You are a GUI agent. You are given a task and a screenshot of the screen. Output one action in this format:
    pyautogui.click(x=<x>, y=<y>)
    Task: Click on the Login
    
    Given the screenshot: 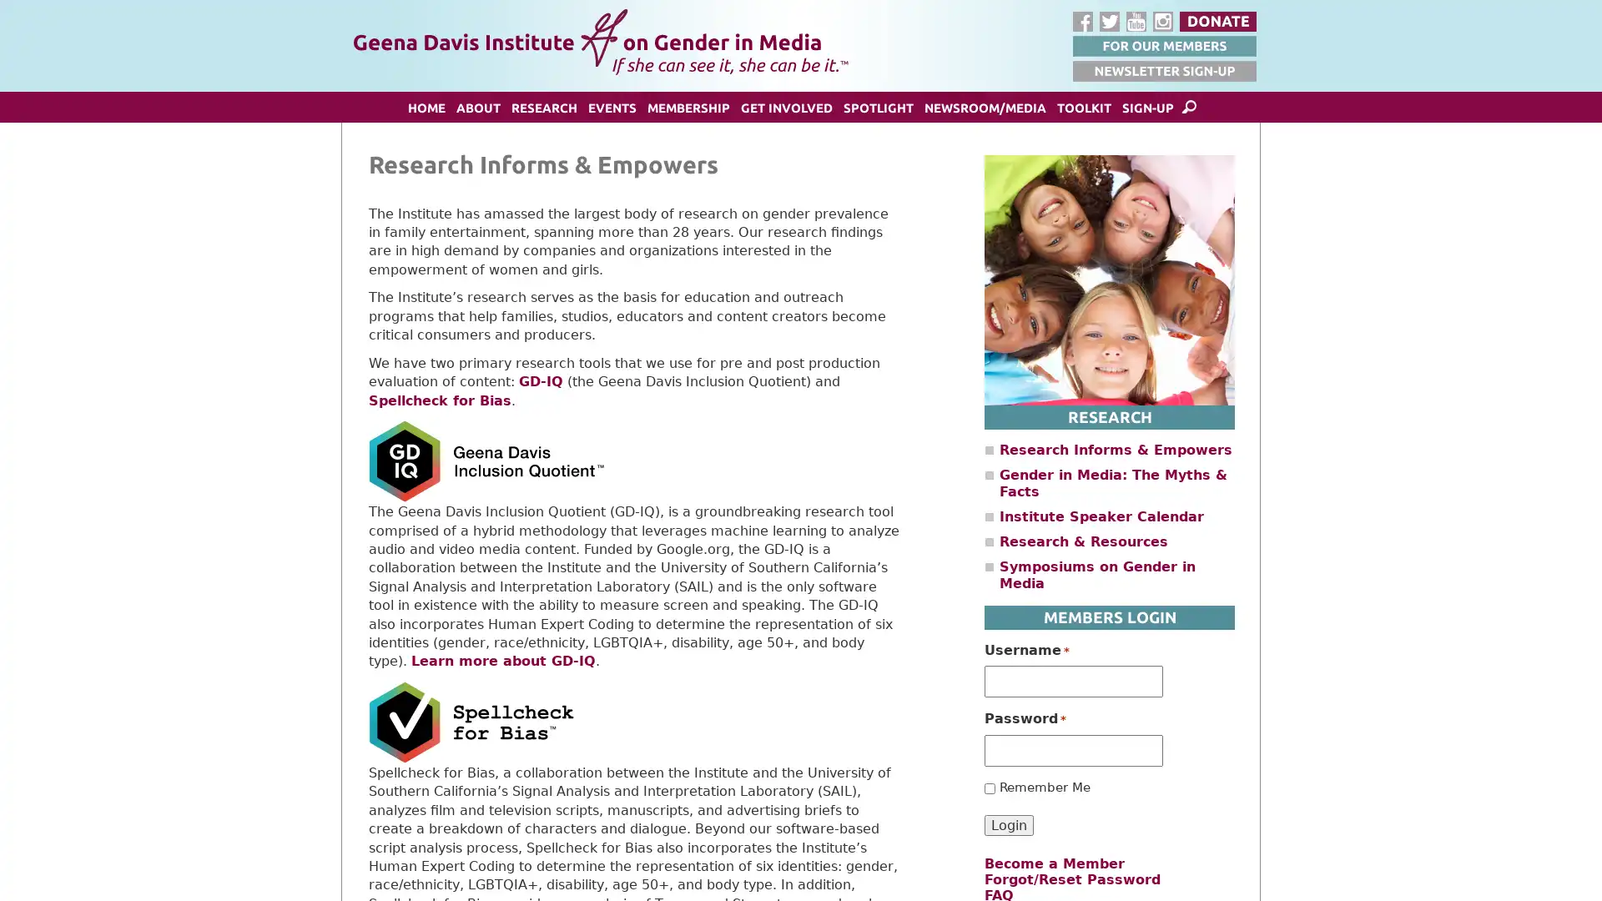 What is the action you would take?
    pyautogui.click(x=1008, y=823)
    